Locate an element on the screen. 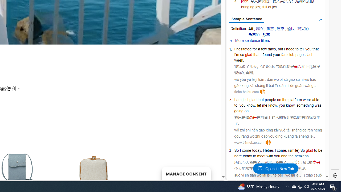 This screenshot has width=341, height=192. 'www.51mokao.com' is located at coordinates (249, 142).